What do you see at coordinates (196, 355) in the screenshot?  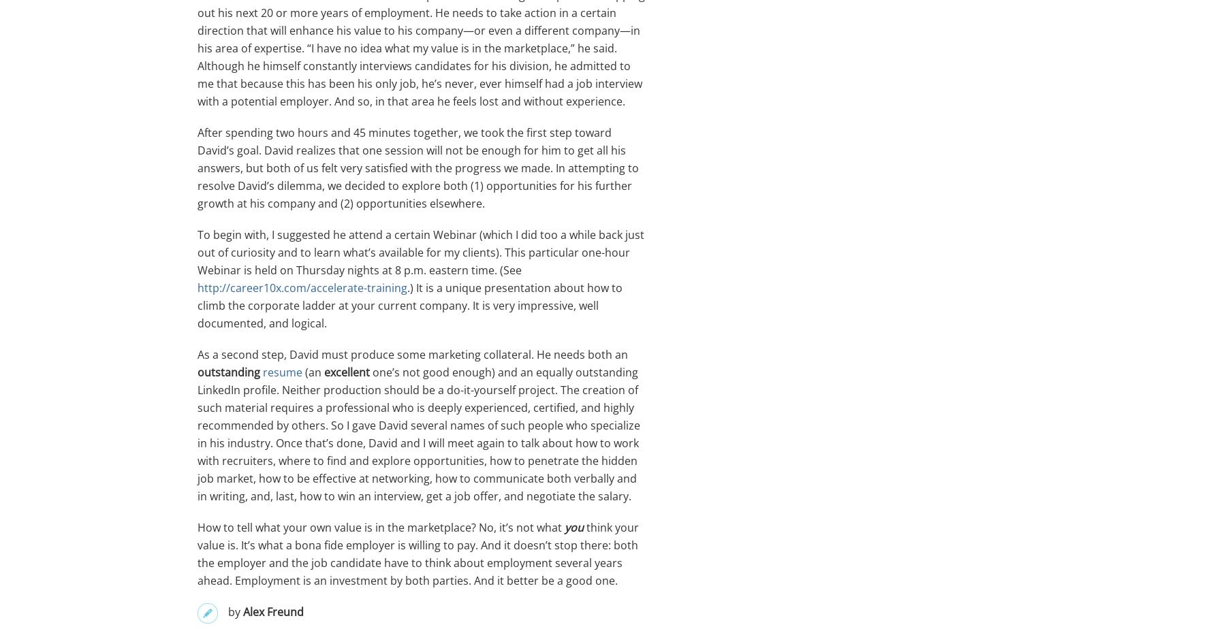 I see `'As a second step, David must produce some marketing collateral. He needs both an'` at bounding box center [196, 355].